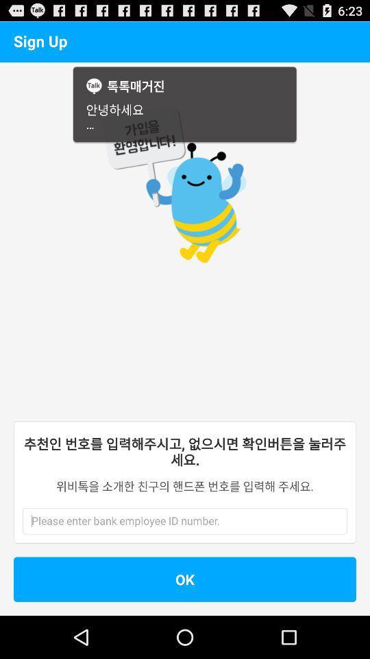  What do you see at coordinates (171, 520) in the screenshot?
I see `employee id number` at bounding box center [171, 520].